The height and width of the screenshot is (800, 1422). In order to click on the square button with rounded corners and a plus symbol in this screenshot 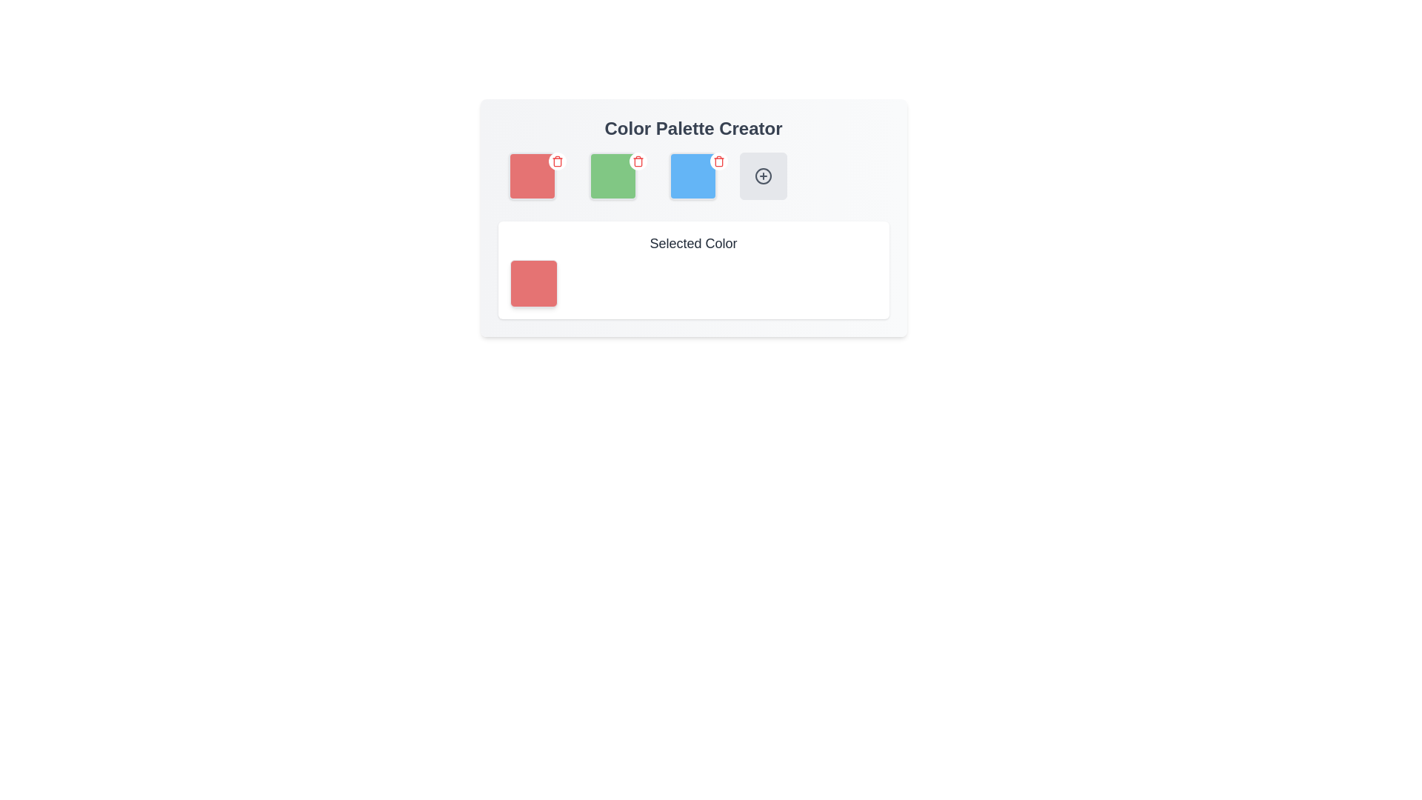, I will do `click(763, 176)`.